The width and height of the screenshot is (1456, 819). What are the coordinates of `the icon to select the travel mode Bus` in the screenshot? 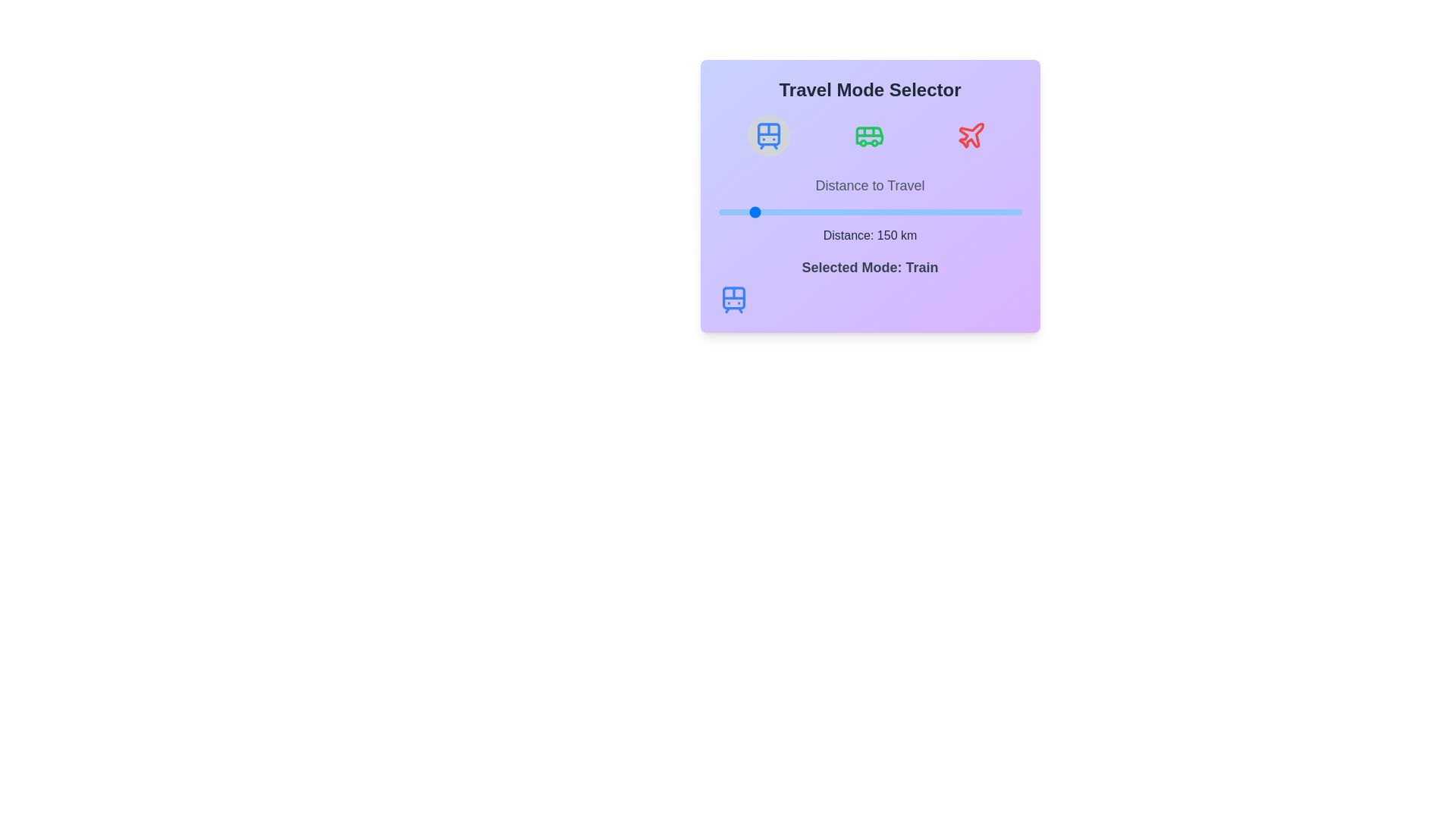 It's located at (870, 134).